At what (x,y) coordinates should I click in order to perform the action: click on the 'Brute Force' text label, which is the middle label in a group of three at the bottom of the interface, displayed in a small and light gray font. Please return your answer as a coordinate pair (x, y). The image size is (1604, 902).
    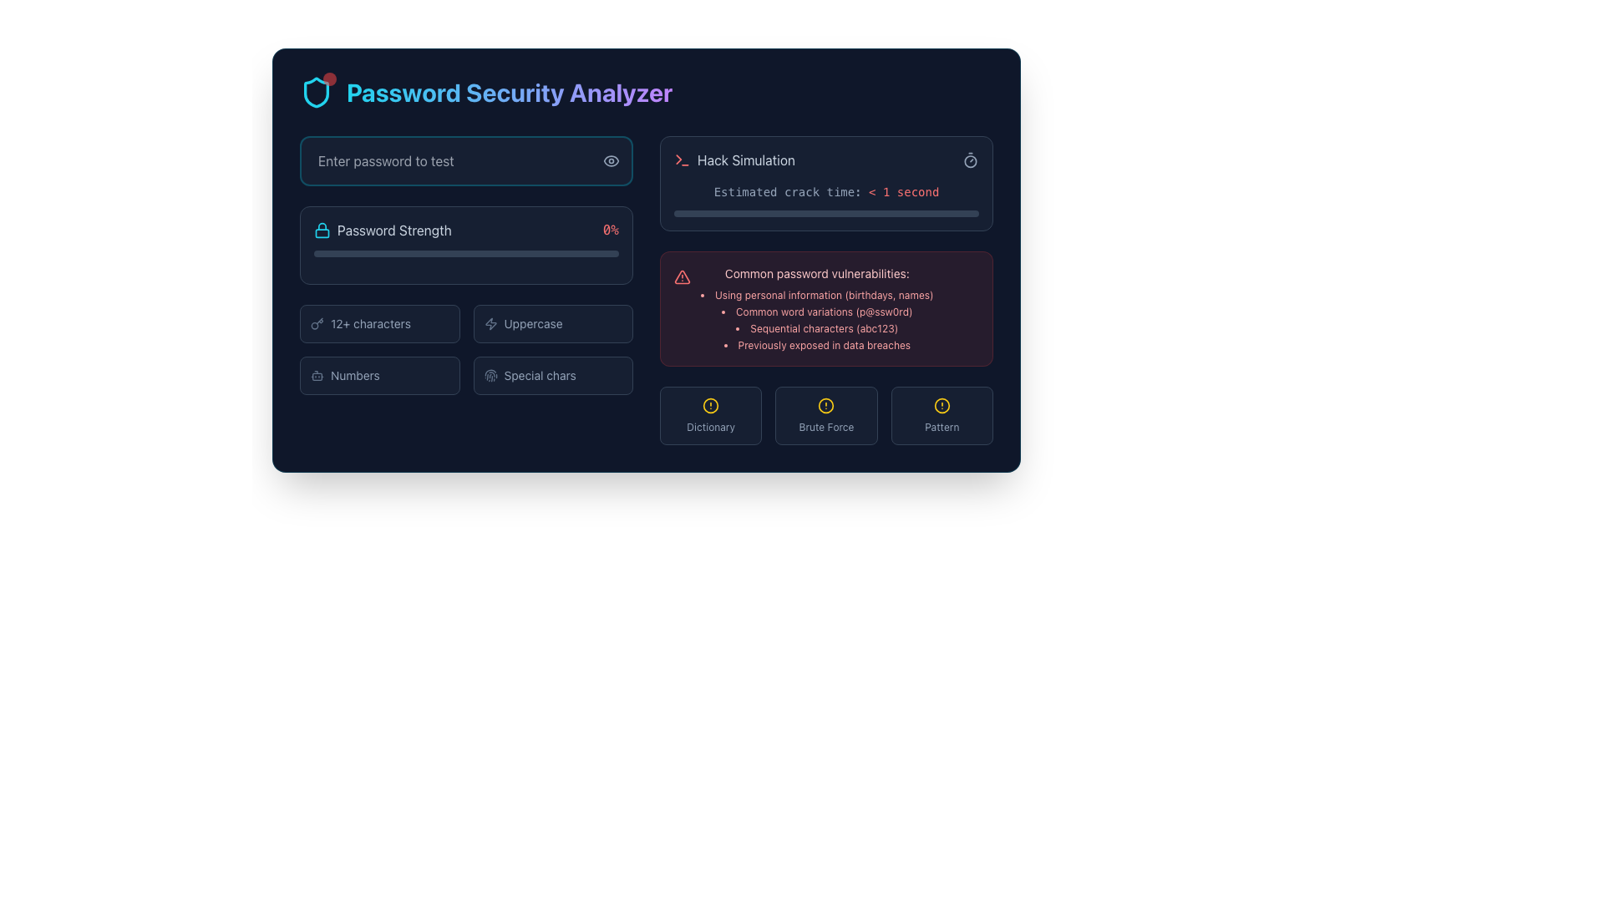
    Looking at the image, I should click on (826, 427).